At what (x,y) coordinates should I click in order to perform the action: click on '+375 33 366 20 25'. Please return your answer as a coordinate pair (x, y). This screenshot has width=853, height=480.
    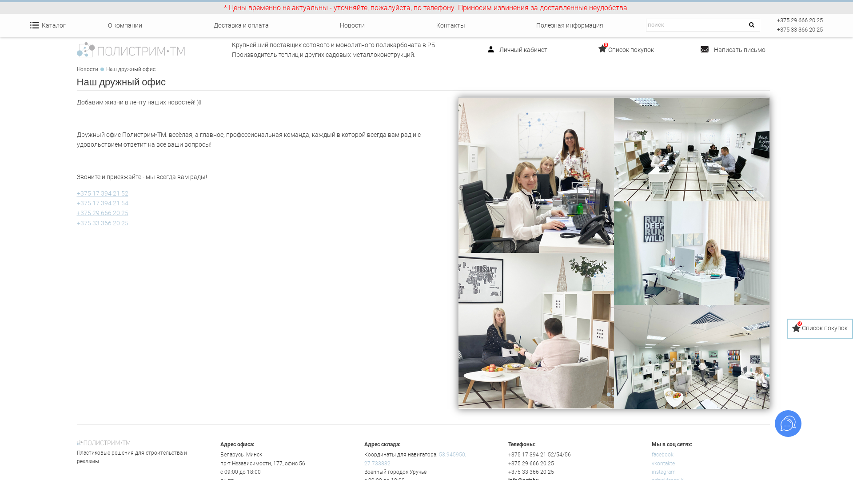
    Looking at the image, I should click on (531, 471).